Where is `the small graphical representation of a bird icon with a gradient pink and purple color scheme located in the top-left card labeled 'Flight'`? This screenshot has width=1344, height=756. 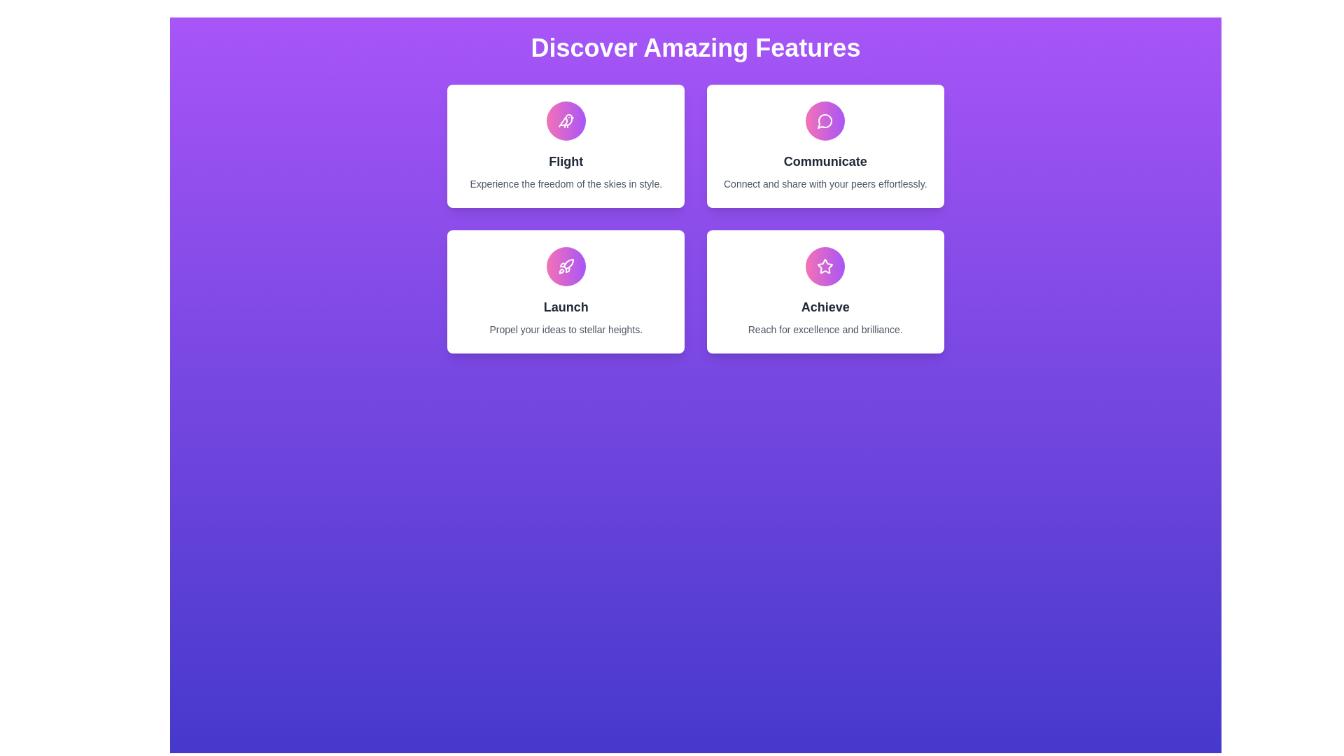
the small graphical representation of a bird icon with a gradient pink and purple color scheme located in the top-left card labeled 'Flight' is located at coordinates (565, 120).